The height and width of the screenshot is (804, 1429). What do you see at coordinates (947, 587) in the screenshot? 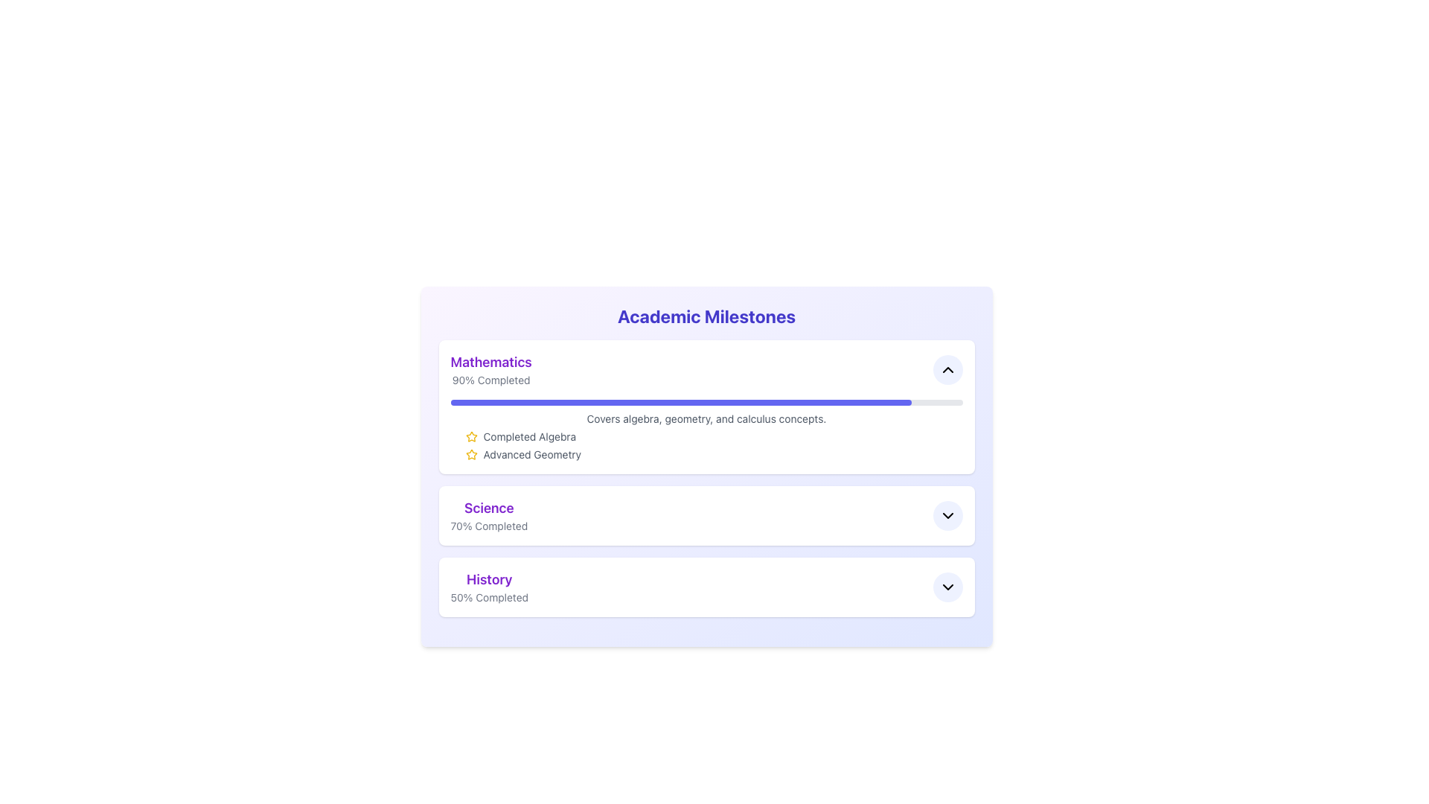
I see `the circular button with a light indigo background and a downward-pointing chevron icon, located on the right side of the 'History' section, to change its background color` at bounding box center [947, 587].